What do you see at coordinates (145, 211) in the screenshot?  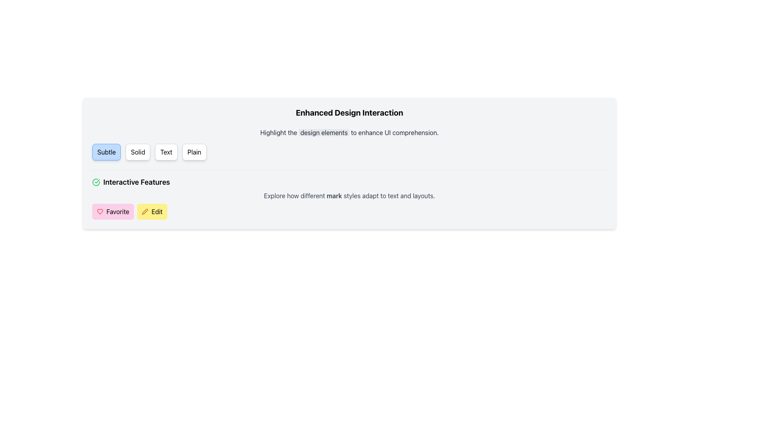 I see `the yellow outlined pen icon located next to the 'Favorite' button on the lower left part of the interface` at bounding box center [145, 211].